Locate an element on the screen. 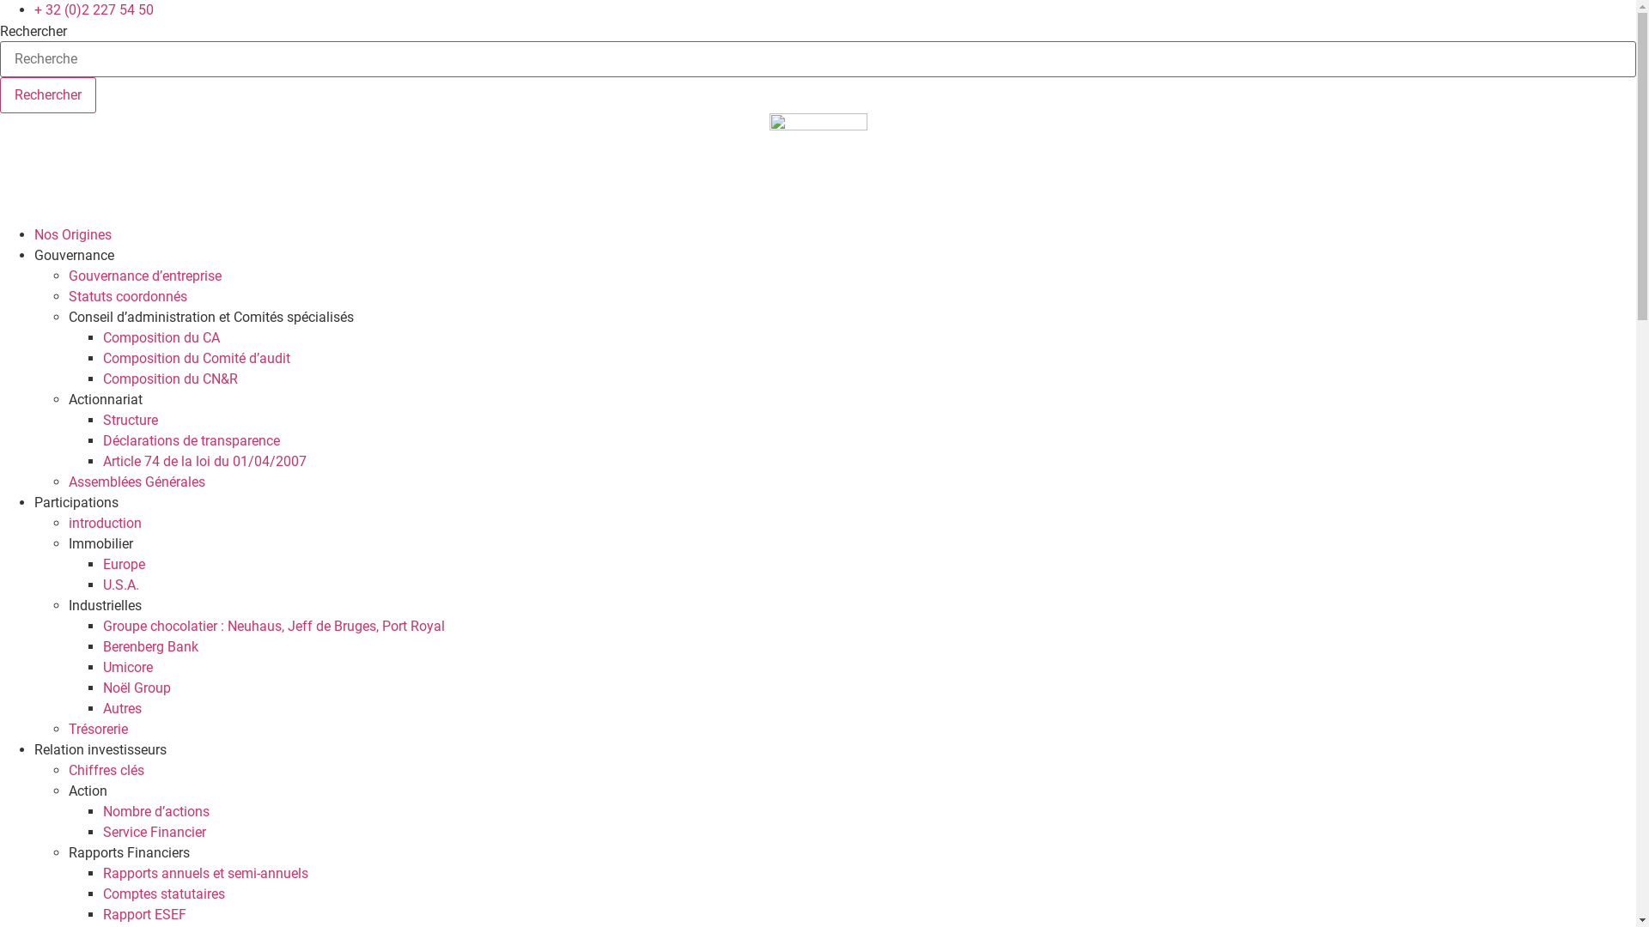 The height and width of the screenshot is (927, 1649). 'Umicore' is located at coordinates (102, 666).